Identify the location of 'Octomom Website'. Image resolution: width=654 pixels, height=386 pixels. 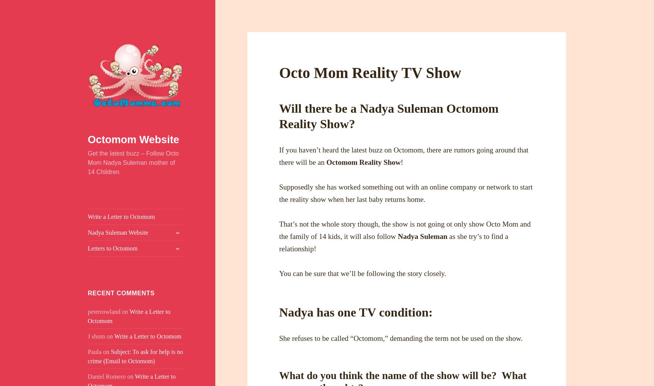
(133, 139).